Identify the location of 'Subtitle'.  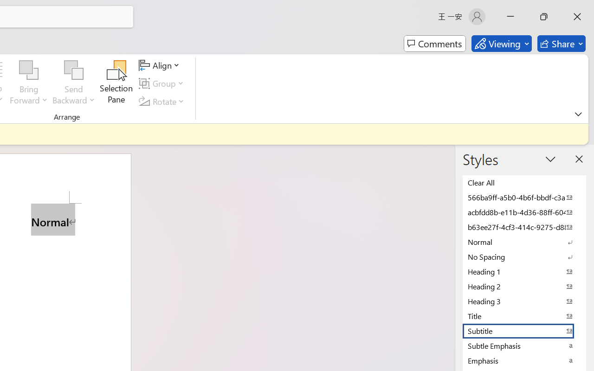
(524, 330).